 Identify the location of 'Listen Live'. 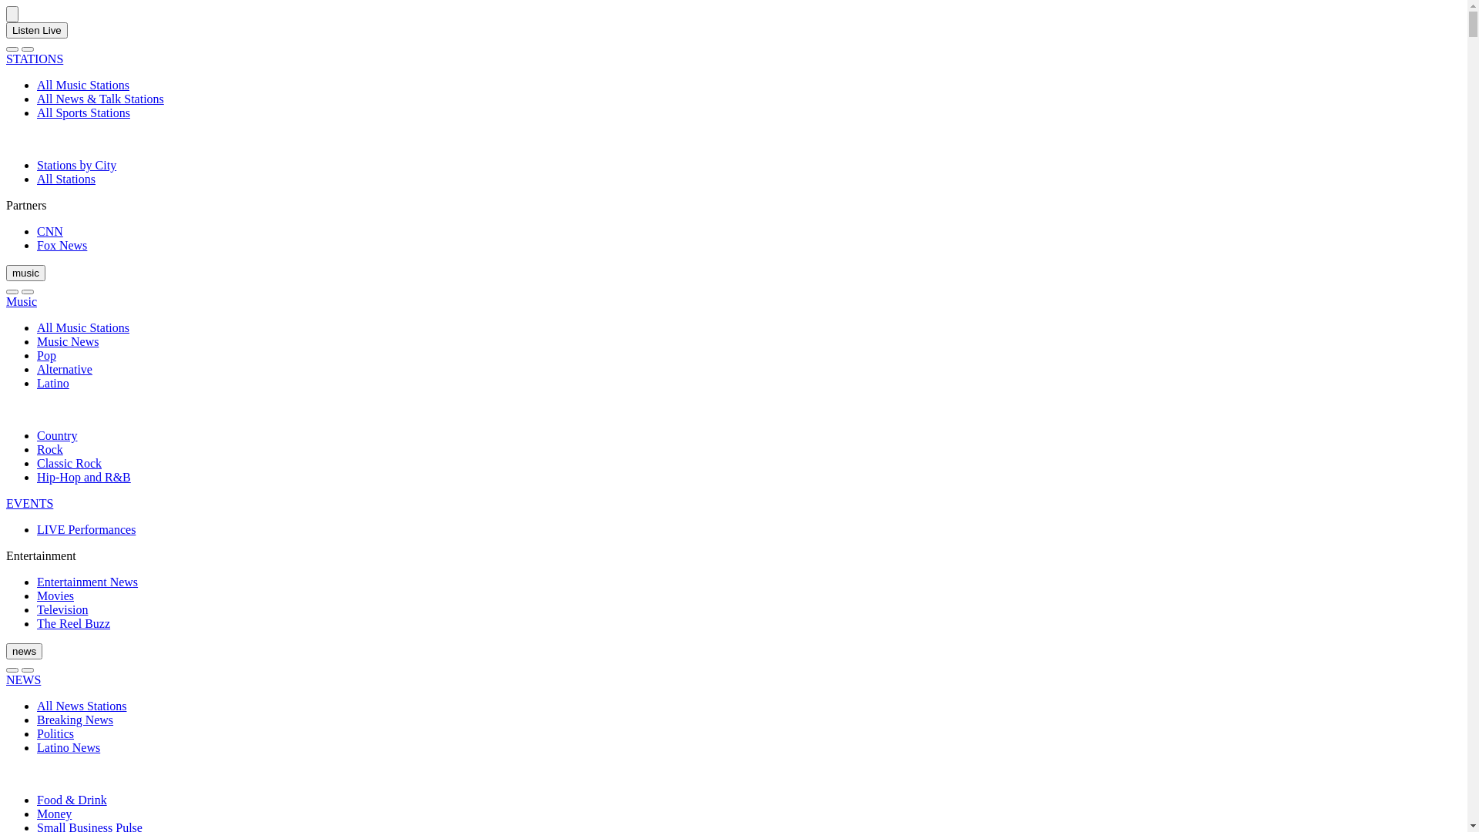
(37, 30).